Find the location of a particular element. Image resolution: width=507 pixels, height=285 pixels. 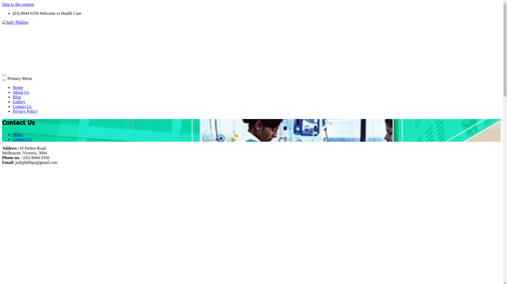

'Blog' is located at coordinates (17, 97).